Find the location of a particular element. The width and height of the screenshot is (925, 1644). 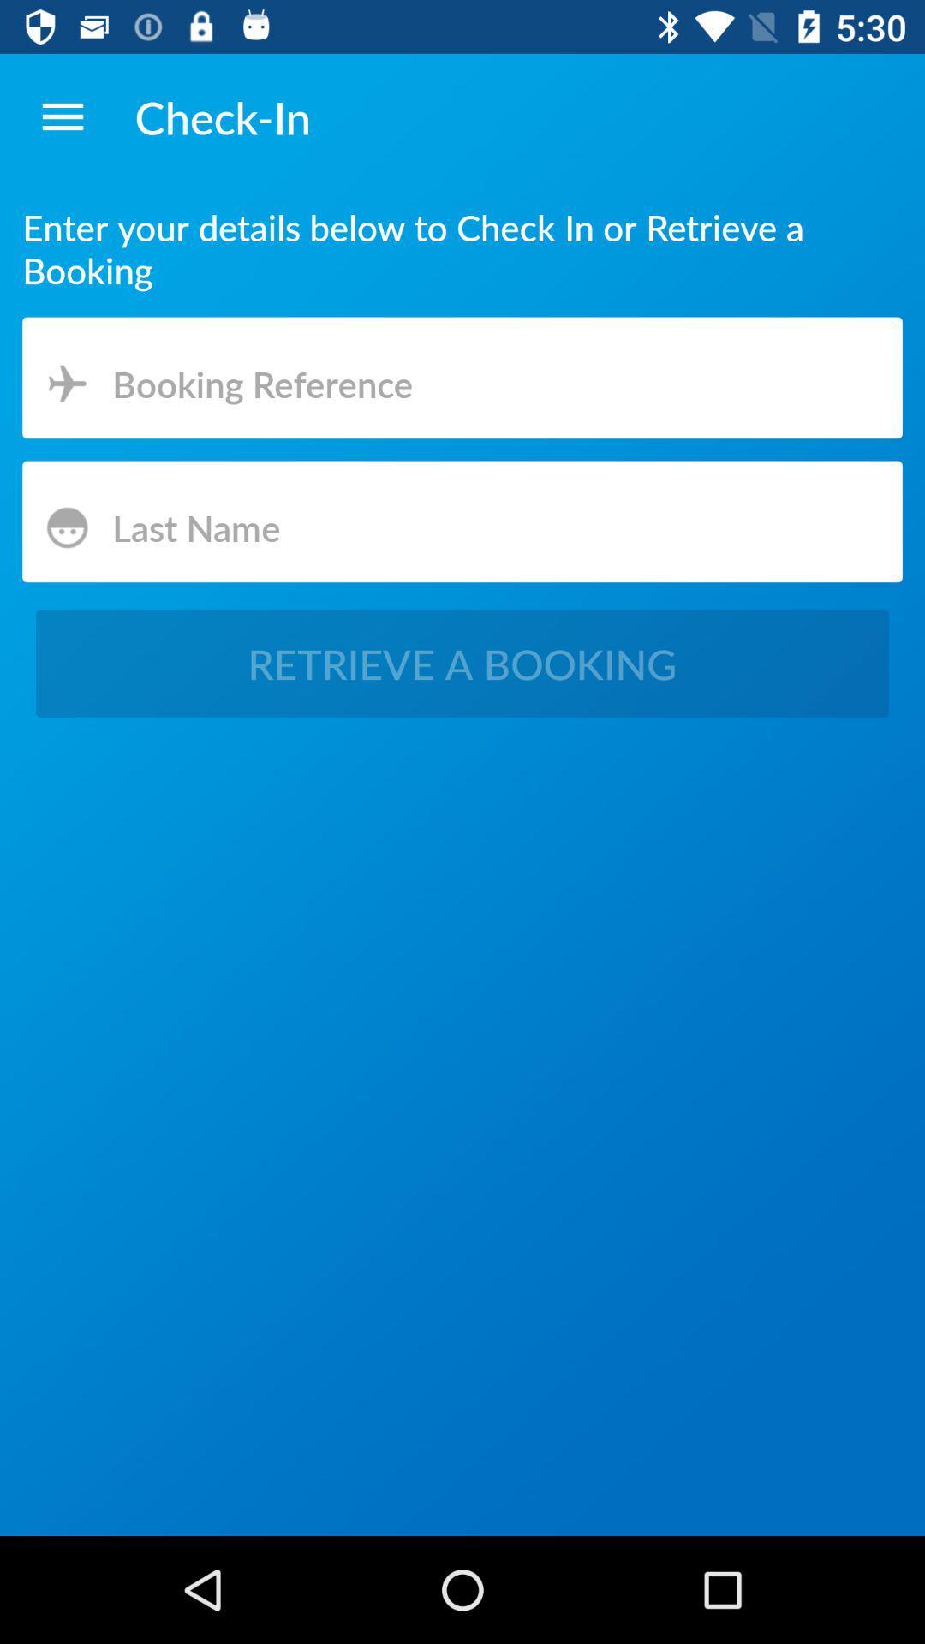

booking preference is located at coordinates (462, 379).